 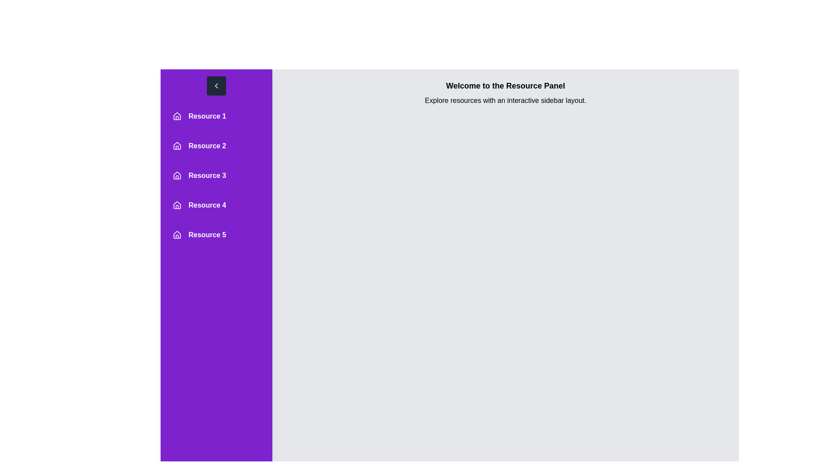 What do you see at coordinates (216, 85) in the screenshot?
I see `the toggle button to change the drawer's open/close state` at bounding box center [216, 85].